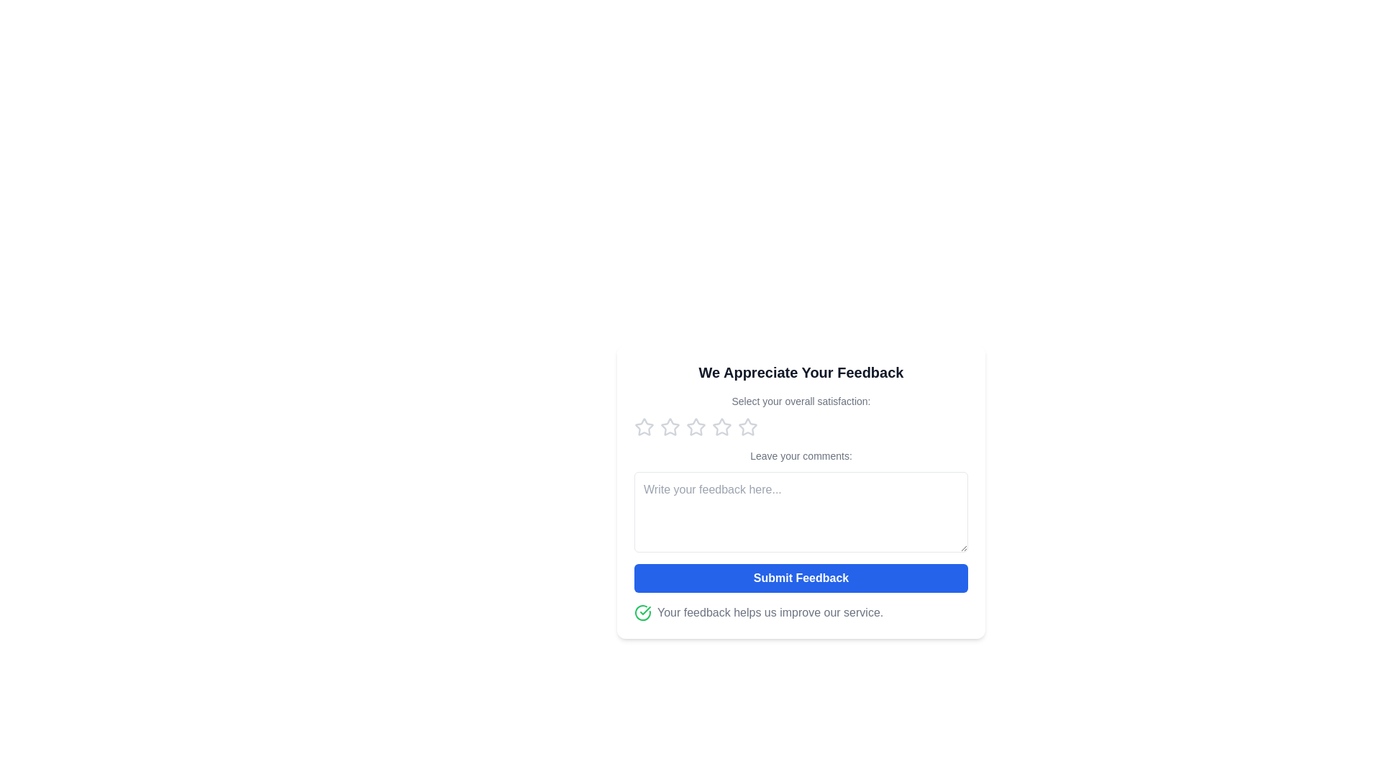 Image resolution: width=1381 pixels, height=777 pixels. I want to click on the fourth star in the row of five stars under the heading 'Select your overall satisfaction:', so click(721, 427).